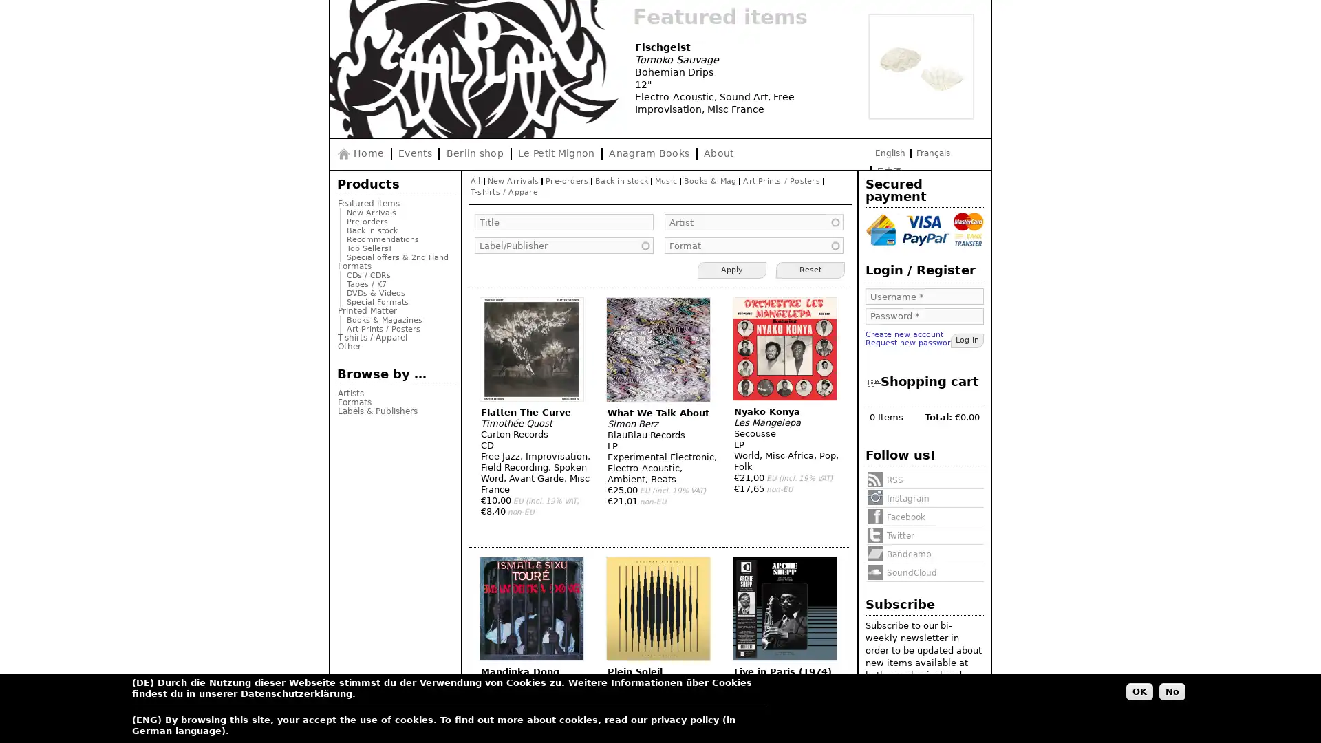 Image resolution: width=1321 pixels, height=743 pixels. What do you see at coordinates (949, 689) in the screenshot?
I see `Sign Up!` at bounding box center [949, 689].